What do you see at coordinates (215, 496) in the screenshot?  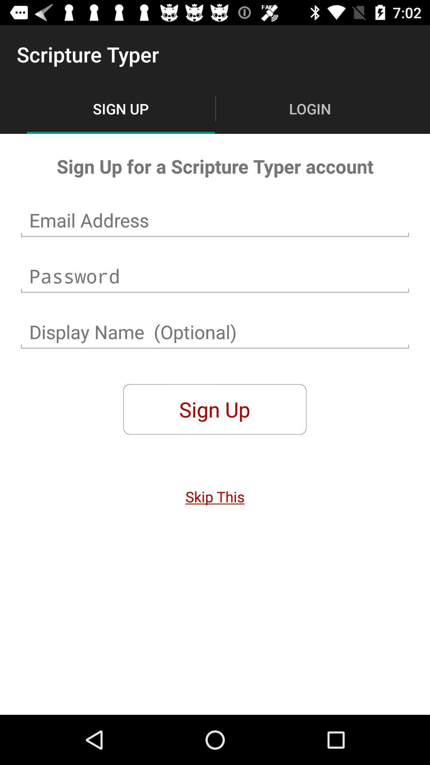 I see `the skip this` at bounding box center [215, 496].